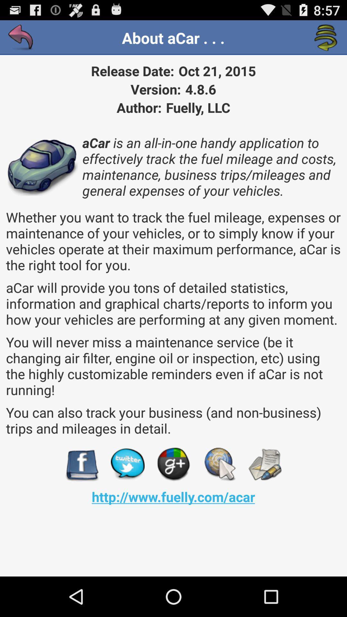 This screenshot has width=347, height=617. What do you see at coordinates (128, 464) in the screenshot?
I see `share to twitter` at bounding box center [128, 464].